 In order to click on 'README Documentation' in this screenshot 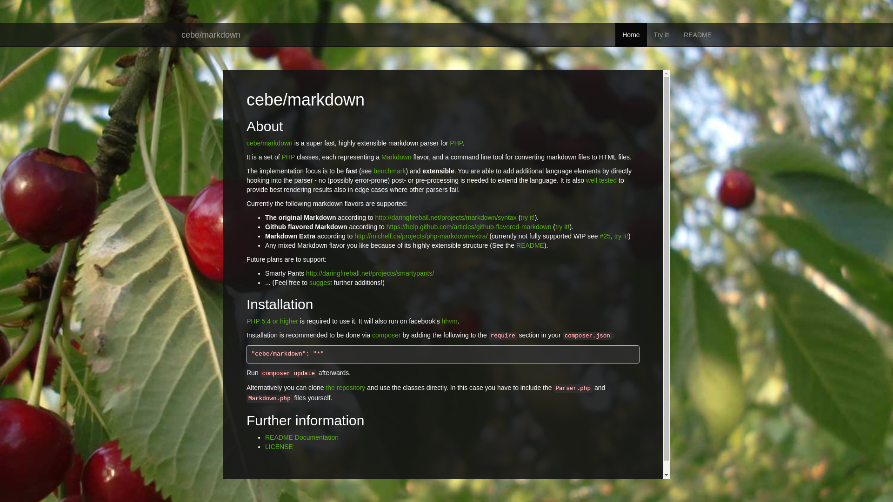, I will do `click(301, 437)`.